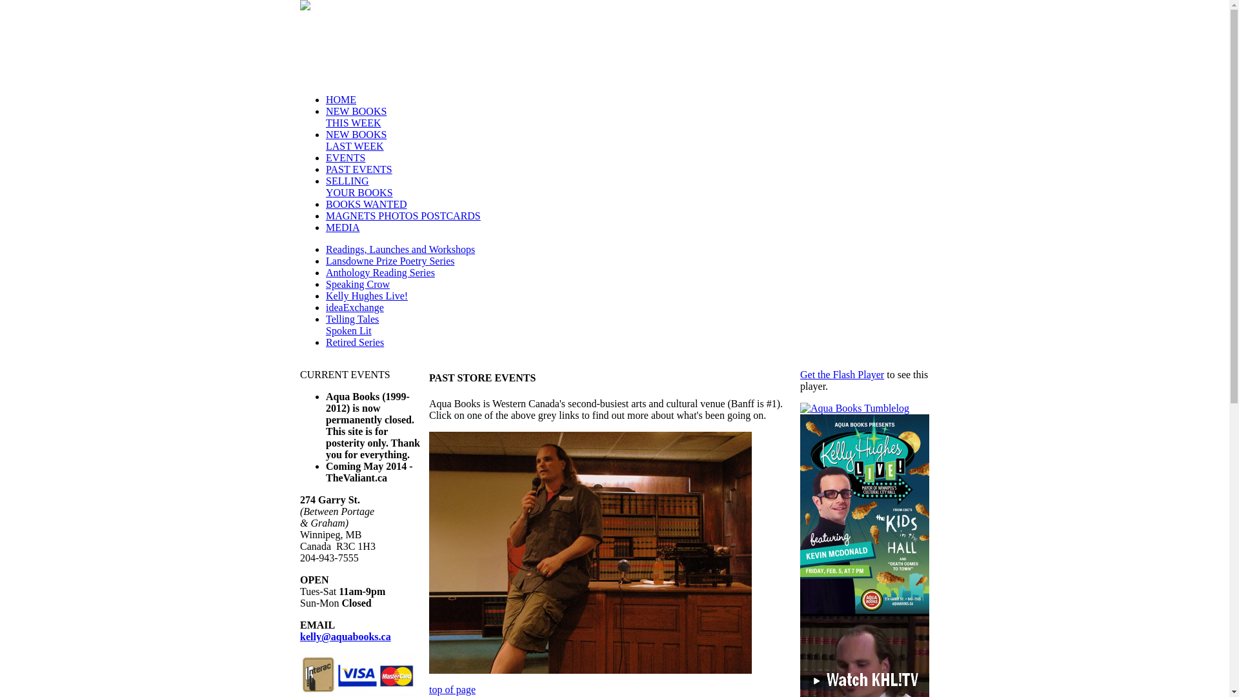 Image resolution: width=1239 pixels, height=697 pixels. I want to click on 'Readings, Launches and Workshops', so click(399, 249).